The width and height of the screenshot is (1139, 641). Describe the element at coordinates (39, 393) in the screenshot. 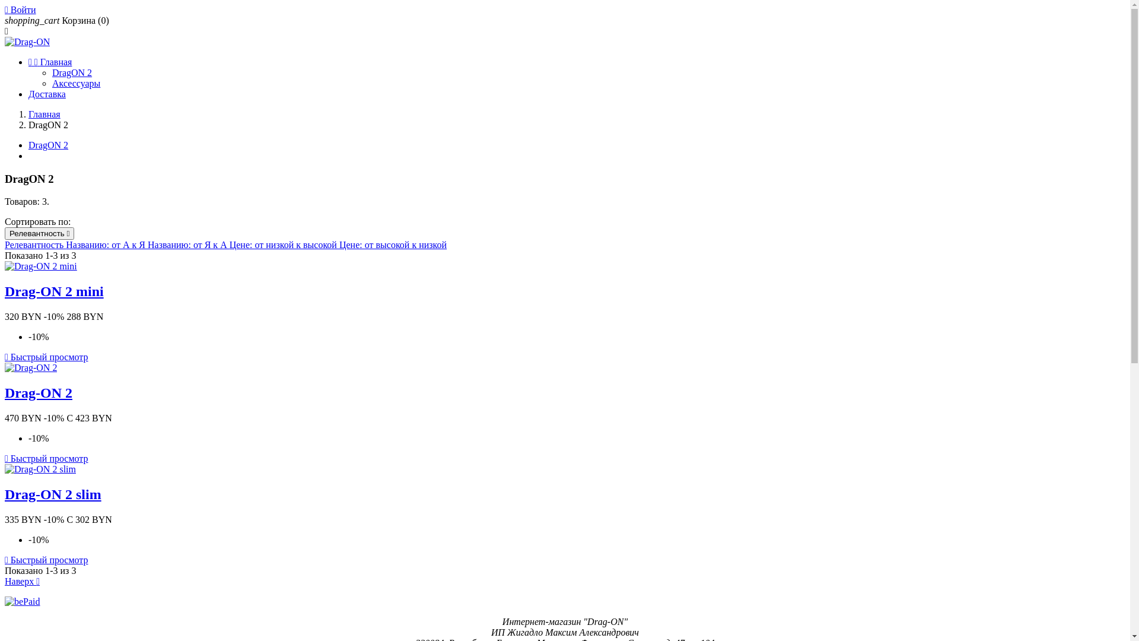

I see `'Drag-ON 2'` at that location.